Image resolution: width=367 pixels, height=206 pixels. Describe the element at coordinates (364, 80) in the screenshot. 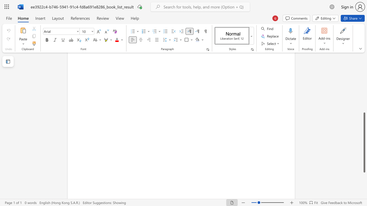

I see `the scrollbar to move the view up` at that location.